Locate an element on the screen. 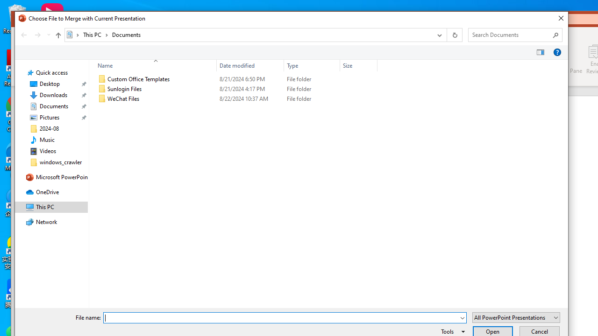 The height and width of the screenshot is (336, 598). 'Sunlogin Files' is located at coordinates (235, 89).